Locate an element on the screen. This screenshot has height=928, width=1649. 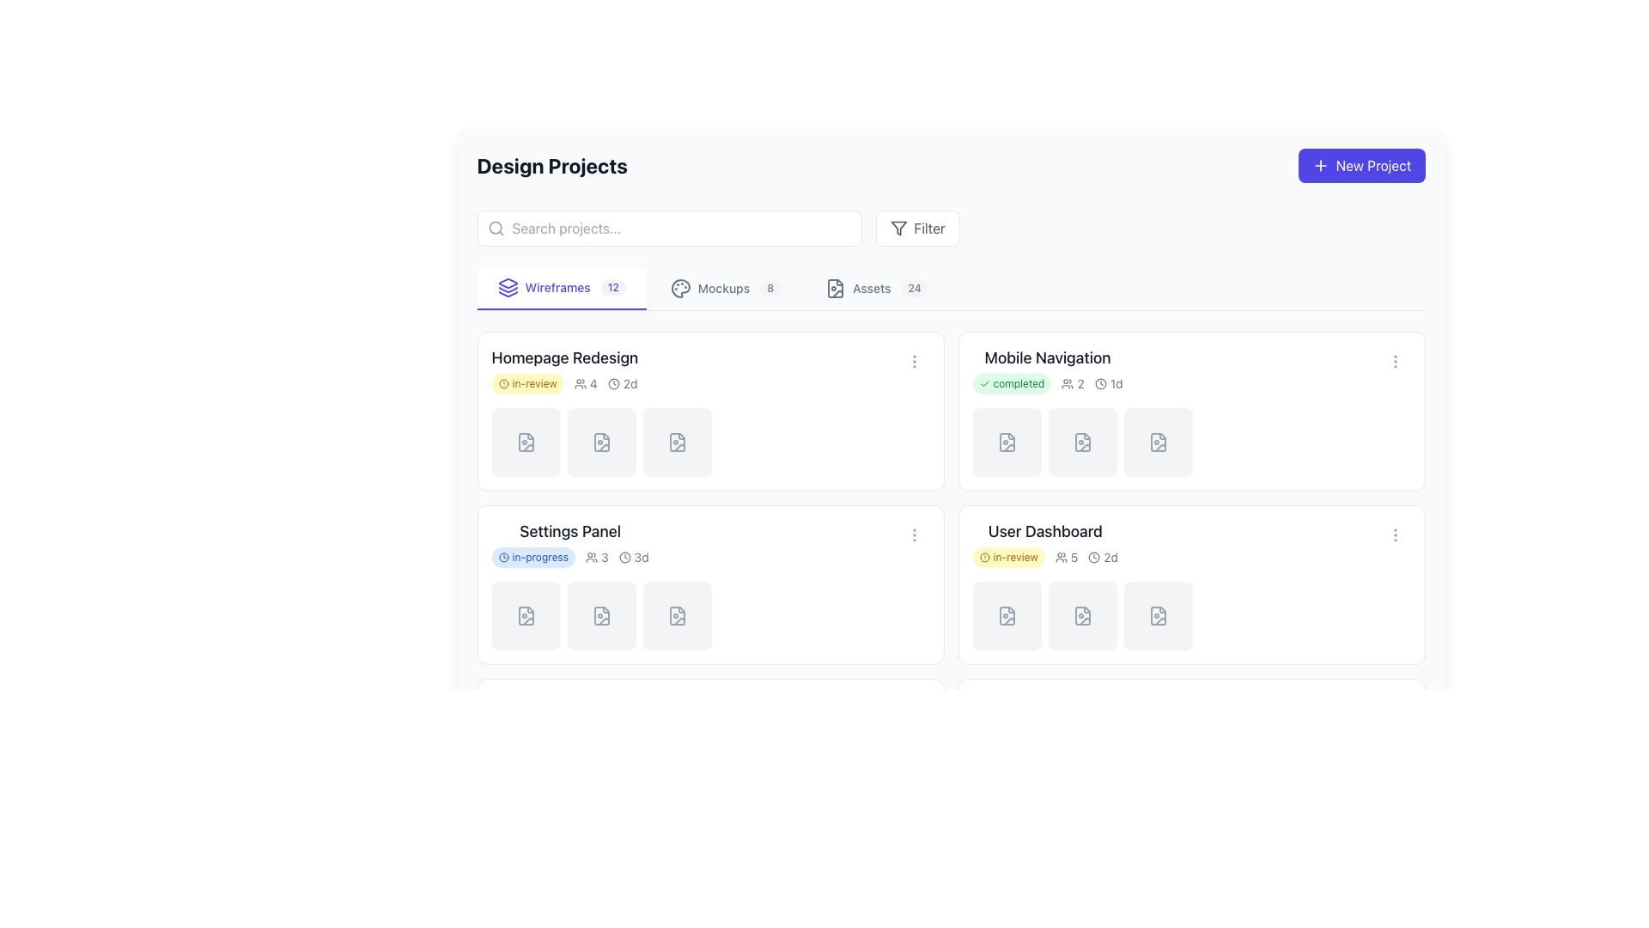
the magnifying glass search icon, which is styled in a minimalist outline format and positioned on the left edge of the search input box is located at coordinates (495, 228).